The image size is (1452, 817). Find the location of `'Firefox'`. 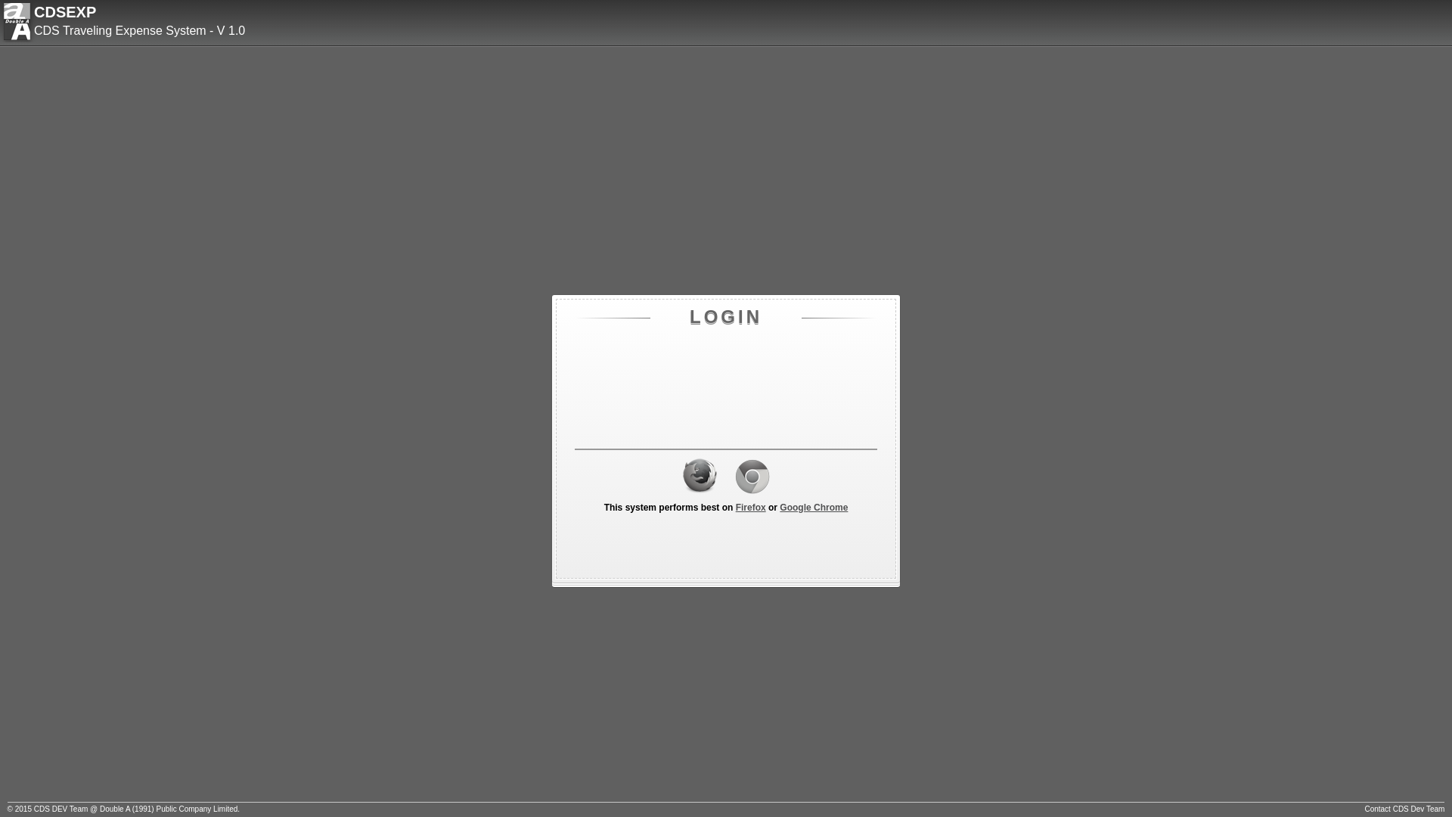

'Firefox' is located at coordinates (751, 508).